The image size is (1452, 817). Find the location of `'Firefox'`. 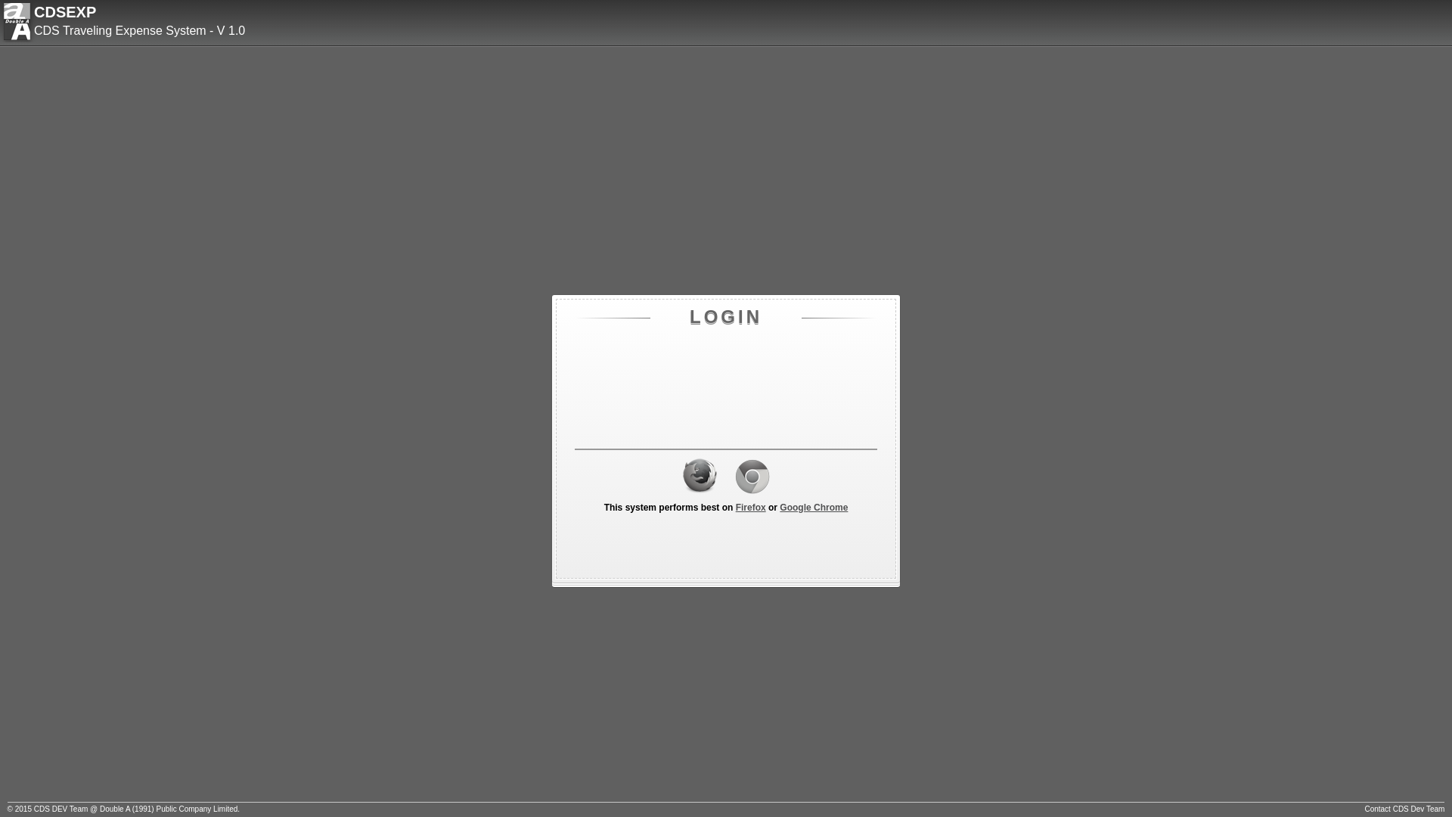

'Firefox' is located at coordinates (751, 508).